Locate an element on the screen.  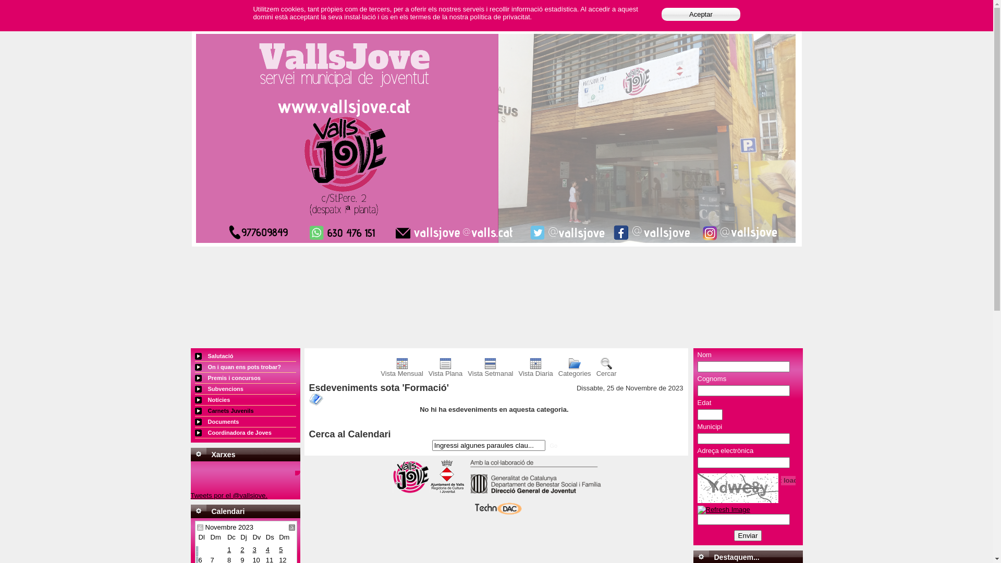
'Categories' is located at coordinates (574, 370).